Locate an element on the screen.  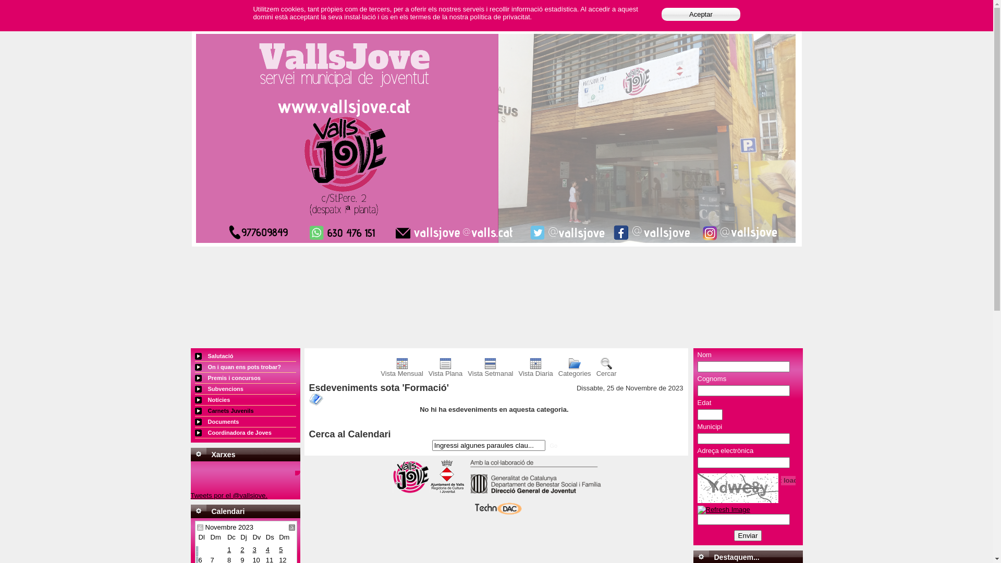
'Categories' is located at coordinates (574, 370).